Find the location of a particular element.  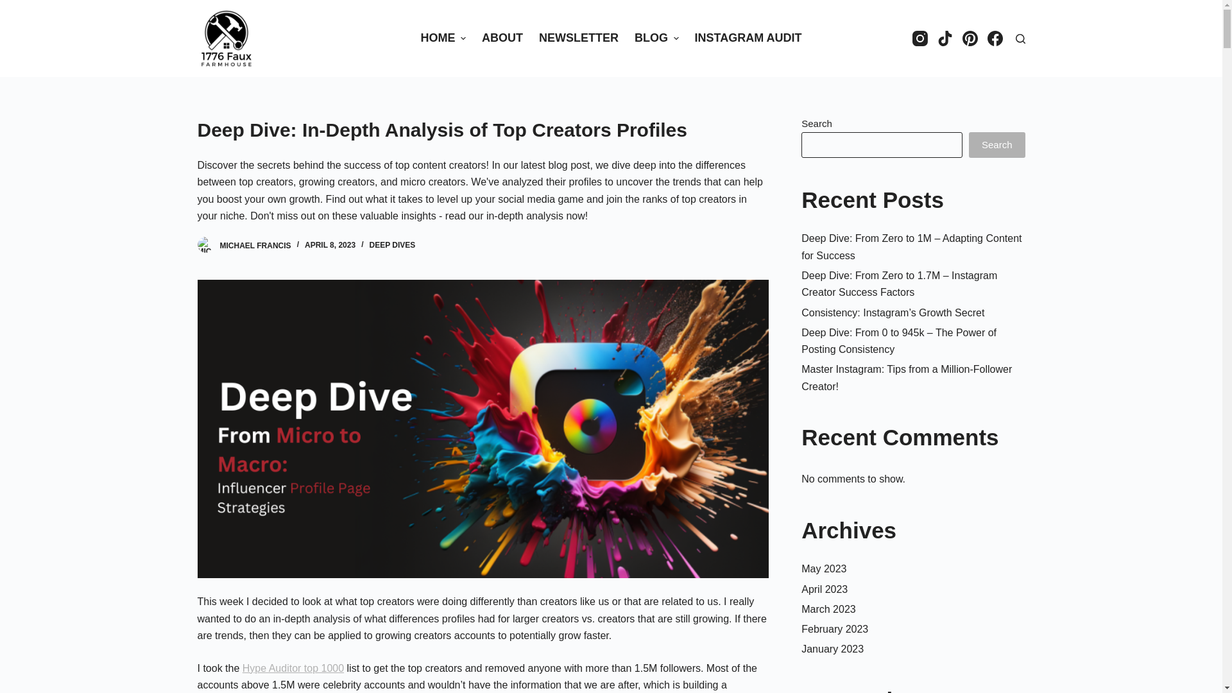

'February 2023' is located at coordinates (834, 628).